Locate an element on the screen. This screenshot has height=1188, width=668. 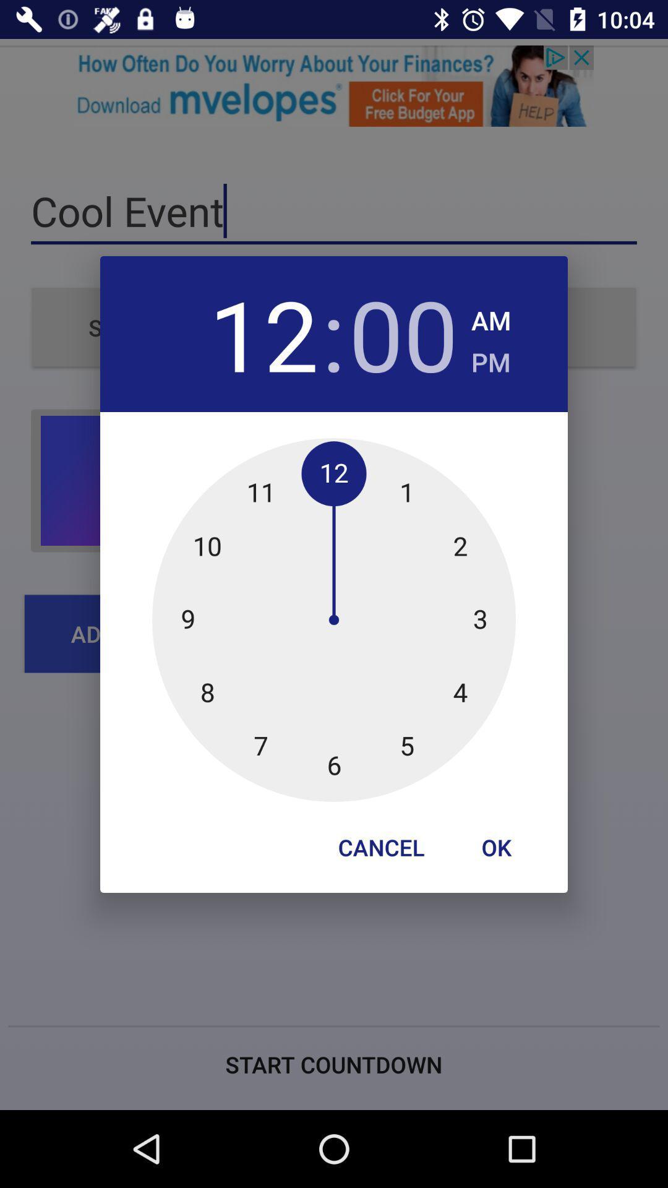
the item to the right of the 00 app is located at coordinates (490, 317).